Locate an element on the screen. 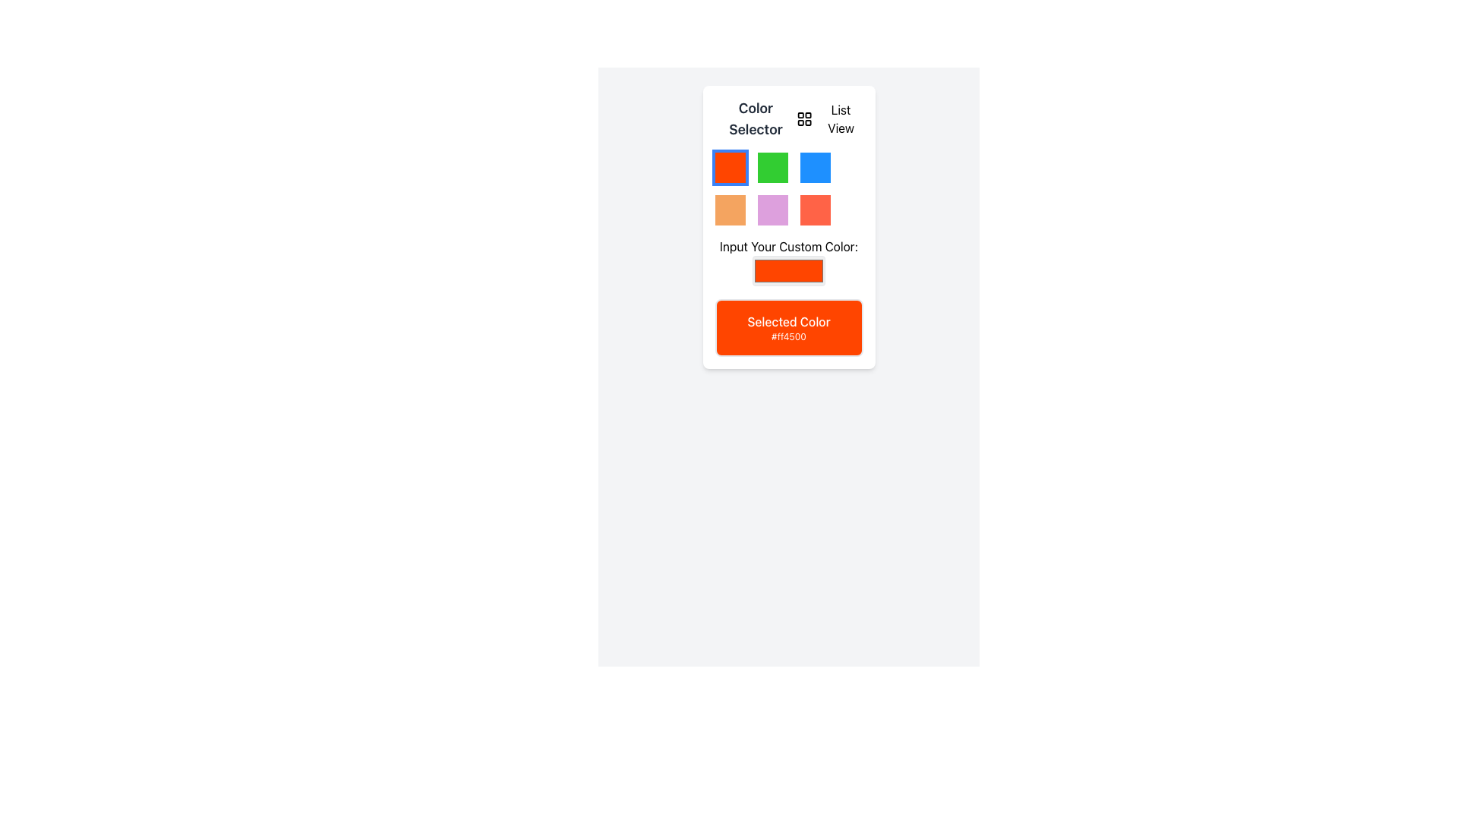 The width and height of the screenshot is (1458, 820). the text label that reads 'Input Your Custom Color:' which is styled in bold black font, located within the color selector panel above the color input box is located at coordinates (788, 245).